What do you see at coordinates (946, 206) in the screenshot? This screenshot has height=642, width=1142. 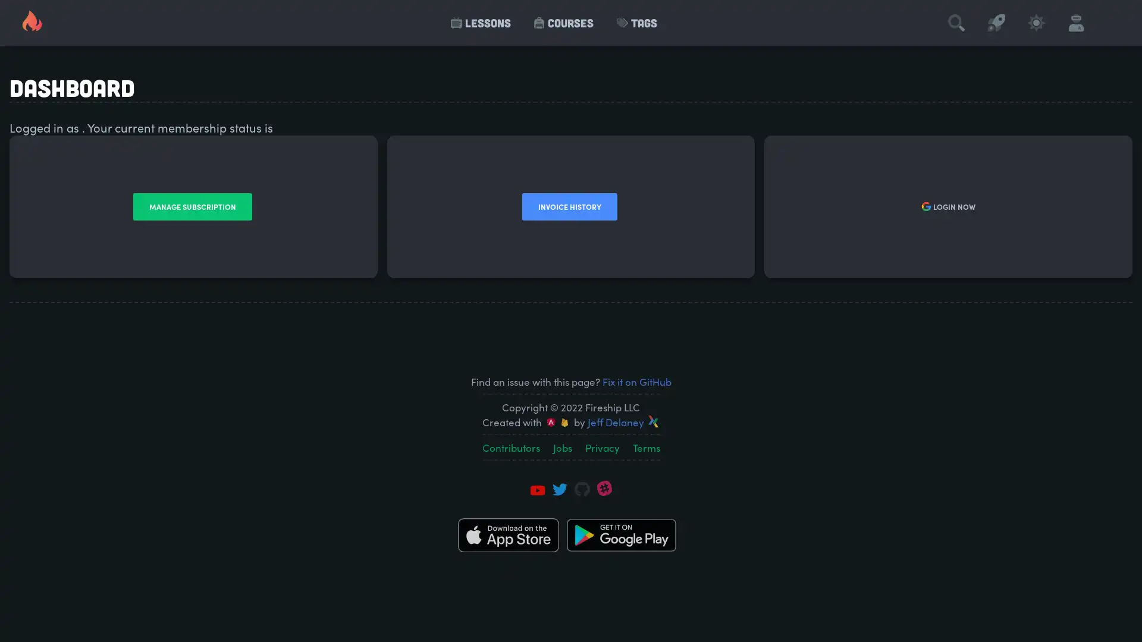 I see `LOGIN NOW` at bounding box center [946, 206].